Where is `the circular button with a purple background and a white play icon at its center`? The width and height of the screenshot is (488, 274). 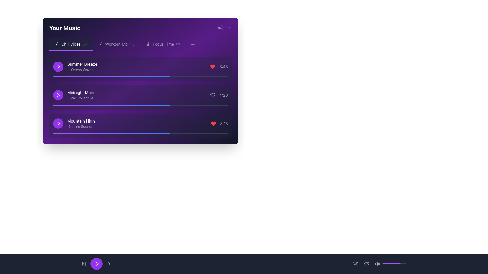 the circular button with a purple background and a white play icon at its center is located at coordinates (96, 264).